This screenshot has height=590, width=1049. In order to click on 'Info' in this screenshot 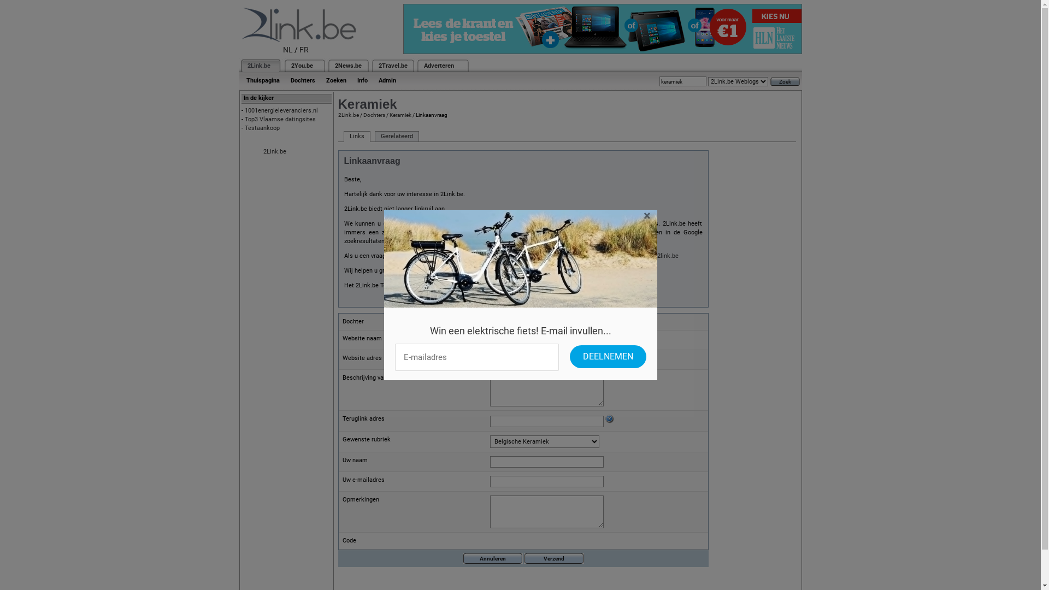, I will do `click(362, 80)`.